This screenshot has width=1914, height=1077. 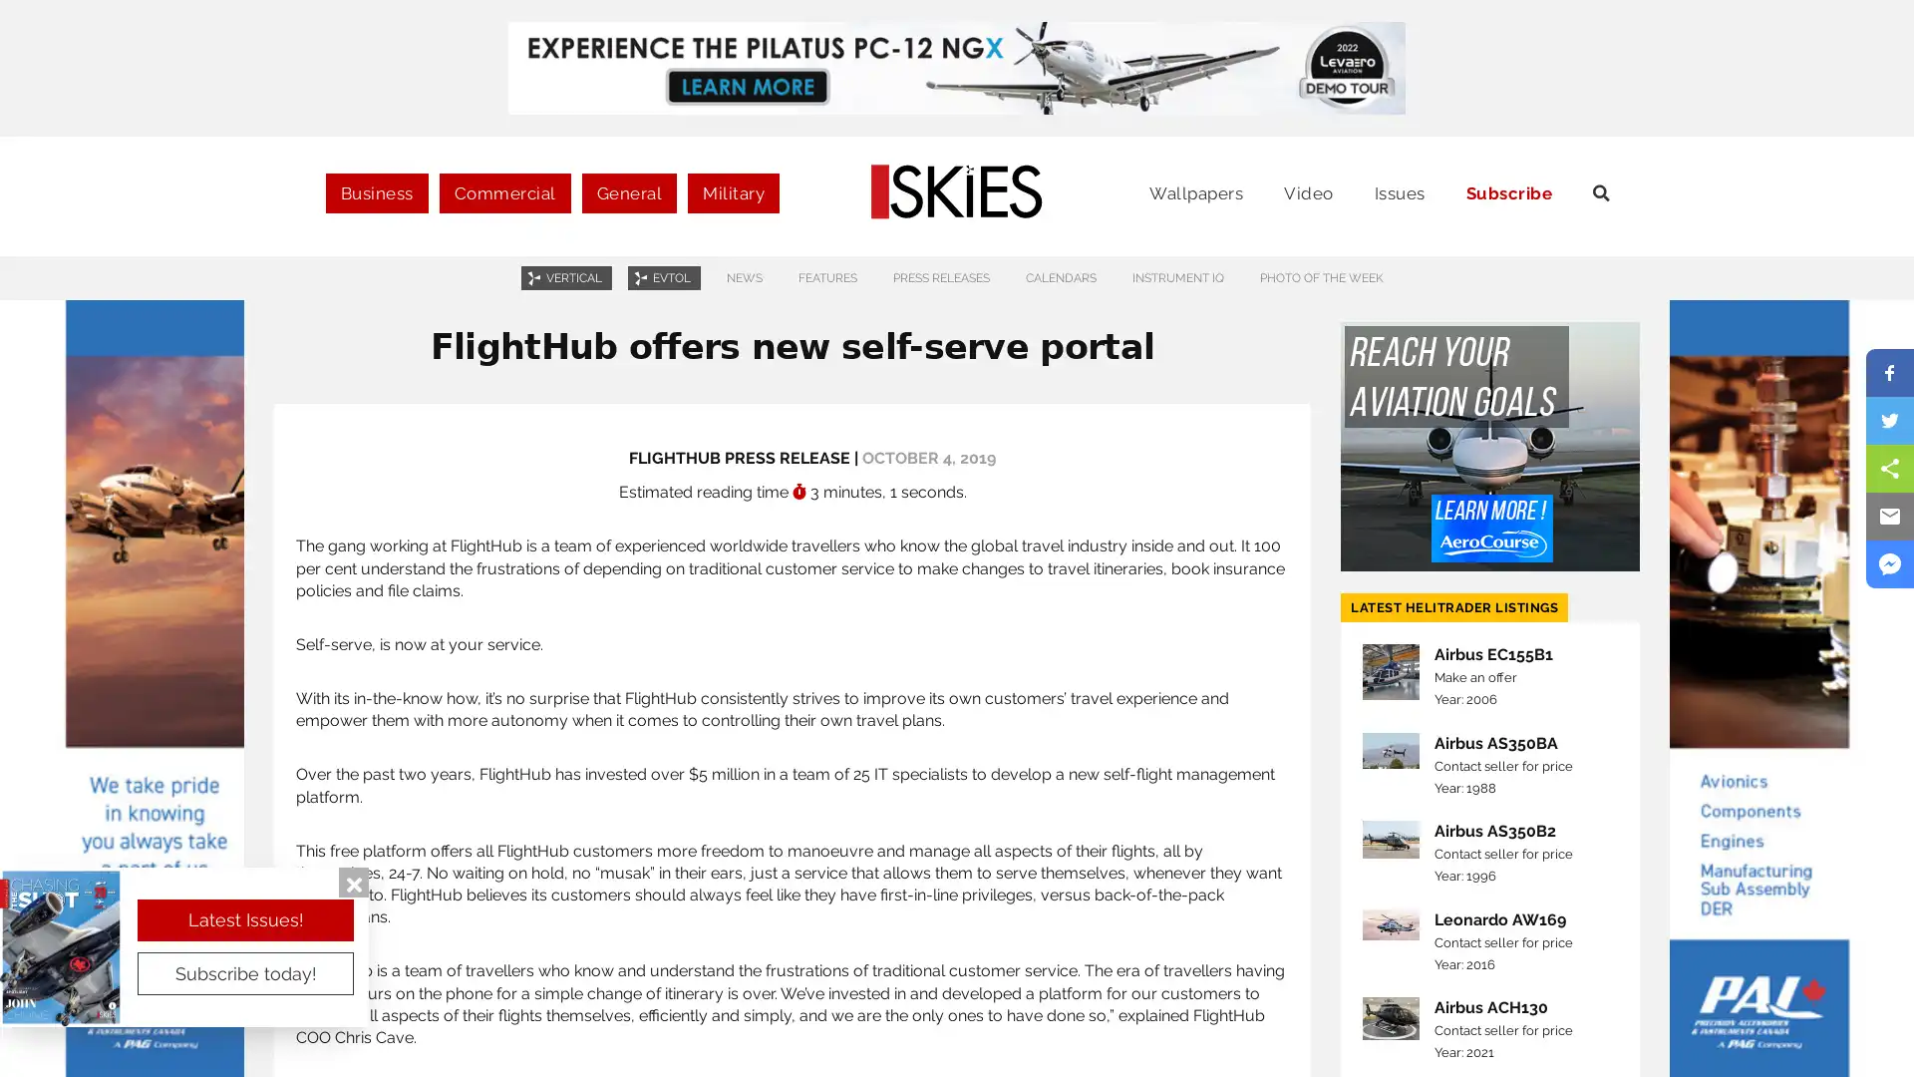 What do you see at coordinates (1823, 203) in the screenshot?
I see `Search` at bounding box center [1823, 203].